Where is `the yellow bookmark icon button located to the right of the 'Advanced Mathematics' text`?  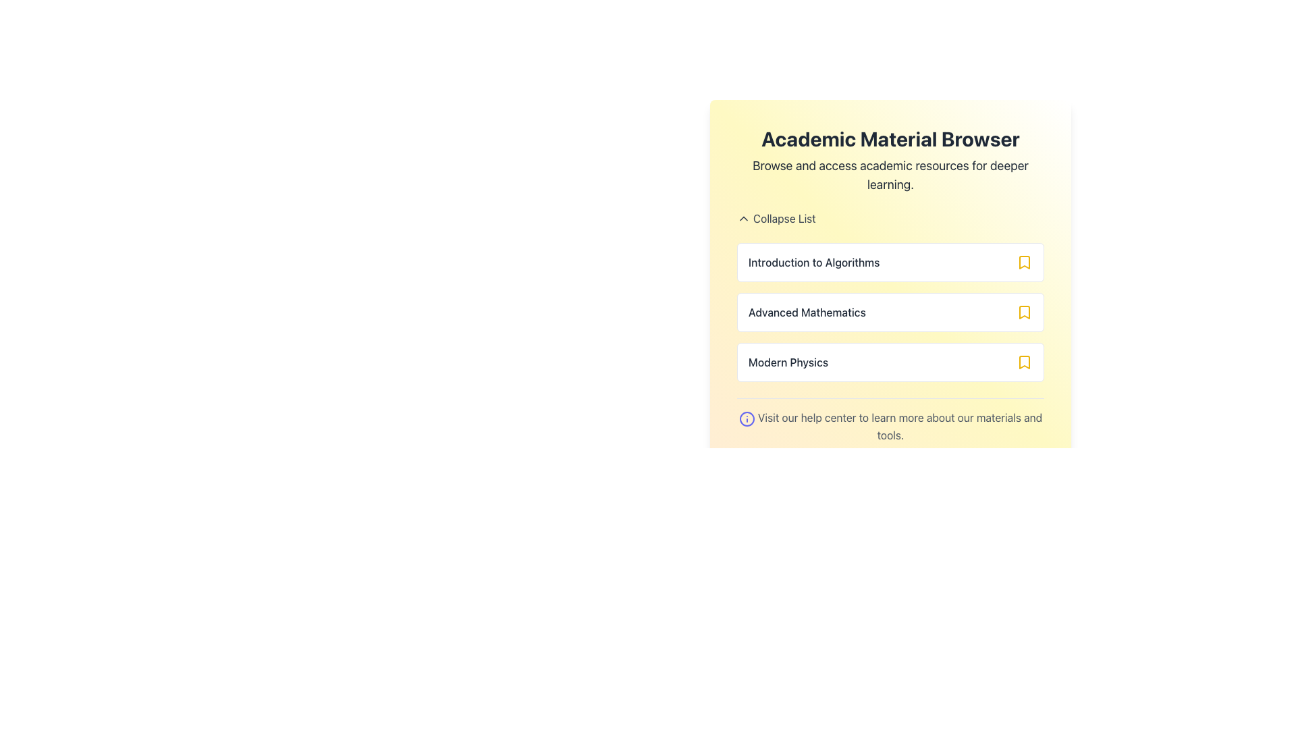
the yellow bookmark icon button located to the right of the 'Advanced Mathematics' text is located at coordinates (1024, 312).